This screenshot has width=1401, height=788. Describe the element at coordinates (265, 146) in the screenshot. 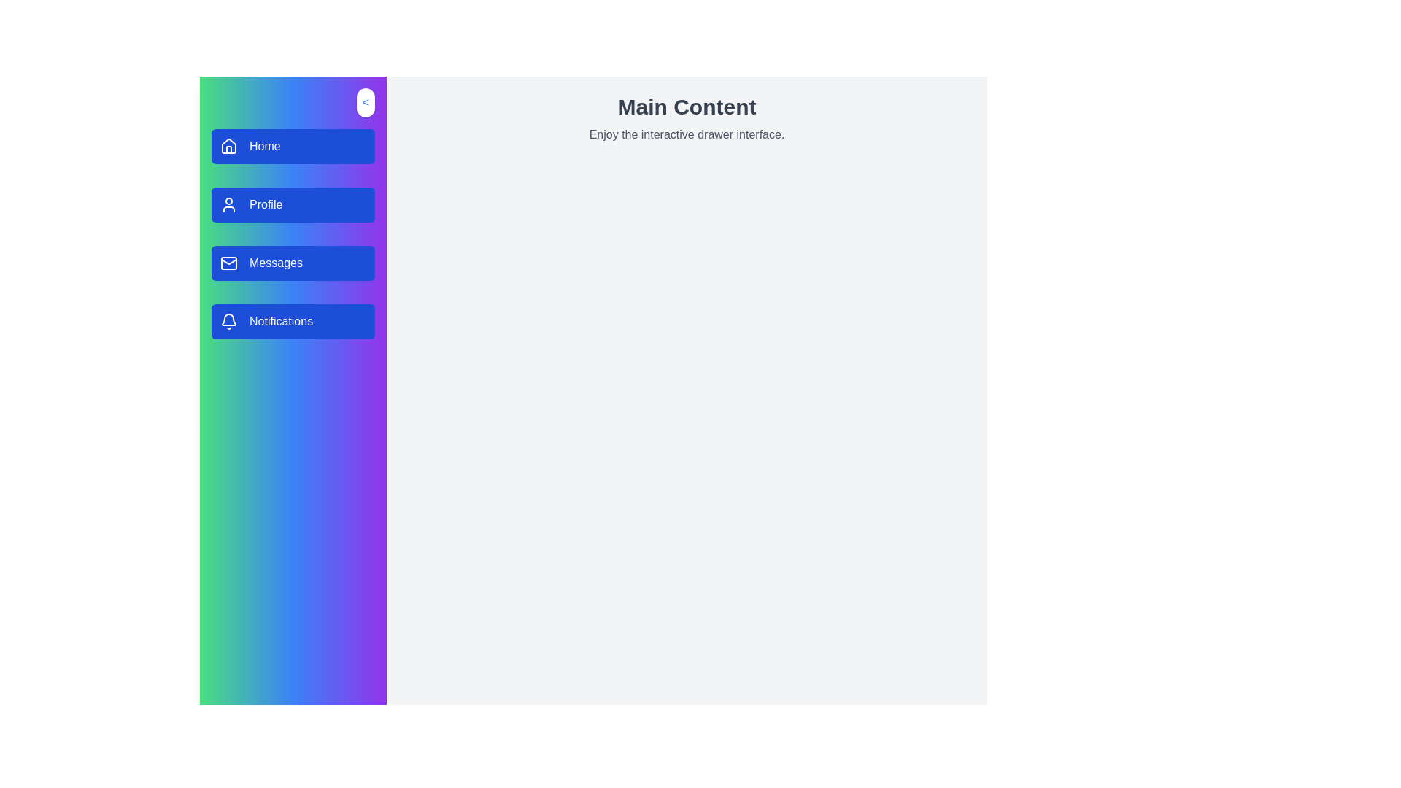

I see `text 'Home' displayed in a bold sans-serif font on the blue button in the vertical navigation menu located on the left pane of the interface` at that location.